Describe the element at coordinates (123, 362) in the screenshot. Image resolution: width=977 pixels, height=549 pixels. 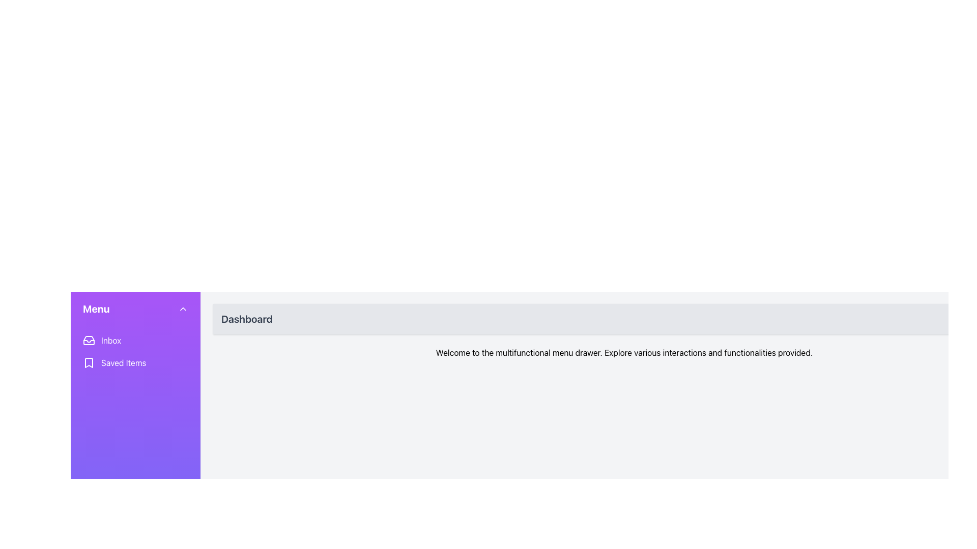
I see `the 'Saved Items' text label in the sidebar menu, which is the second item beneath 'Inbox' and is accompanied by a bookmark icon` at that location.